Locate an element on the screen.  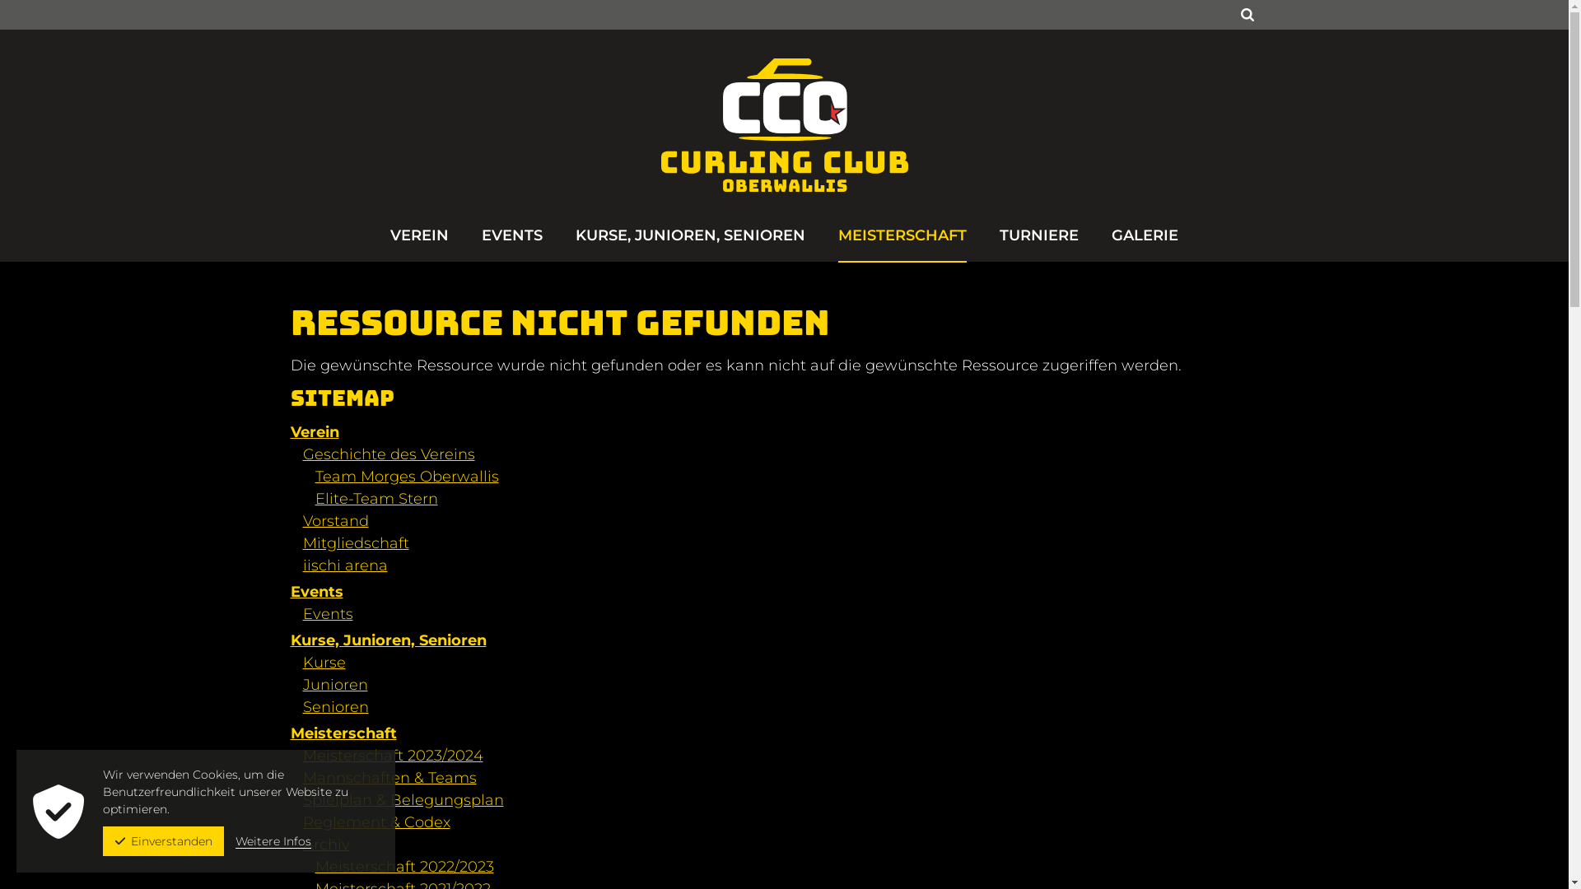
'Geschichte des Vereins' is located at coordinates (388, 454).